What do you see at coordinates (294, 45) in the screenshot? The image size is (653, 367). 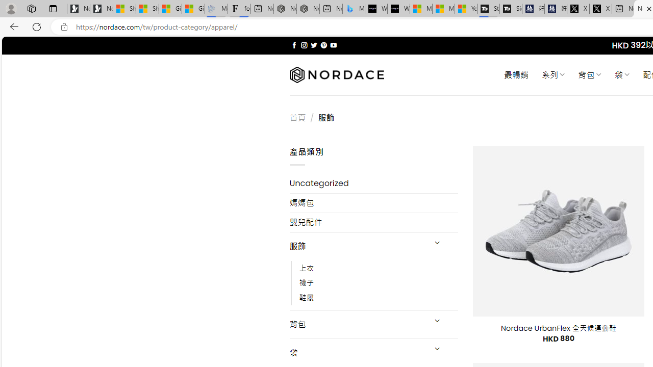 I see `'Follow on Facebook'` at bounding box center [294, 45].